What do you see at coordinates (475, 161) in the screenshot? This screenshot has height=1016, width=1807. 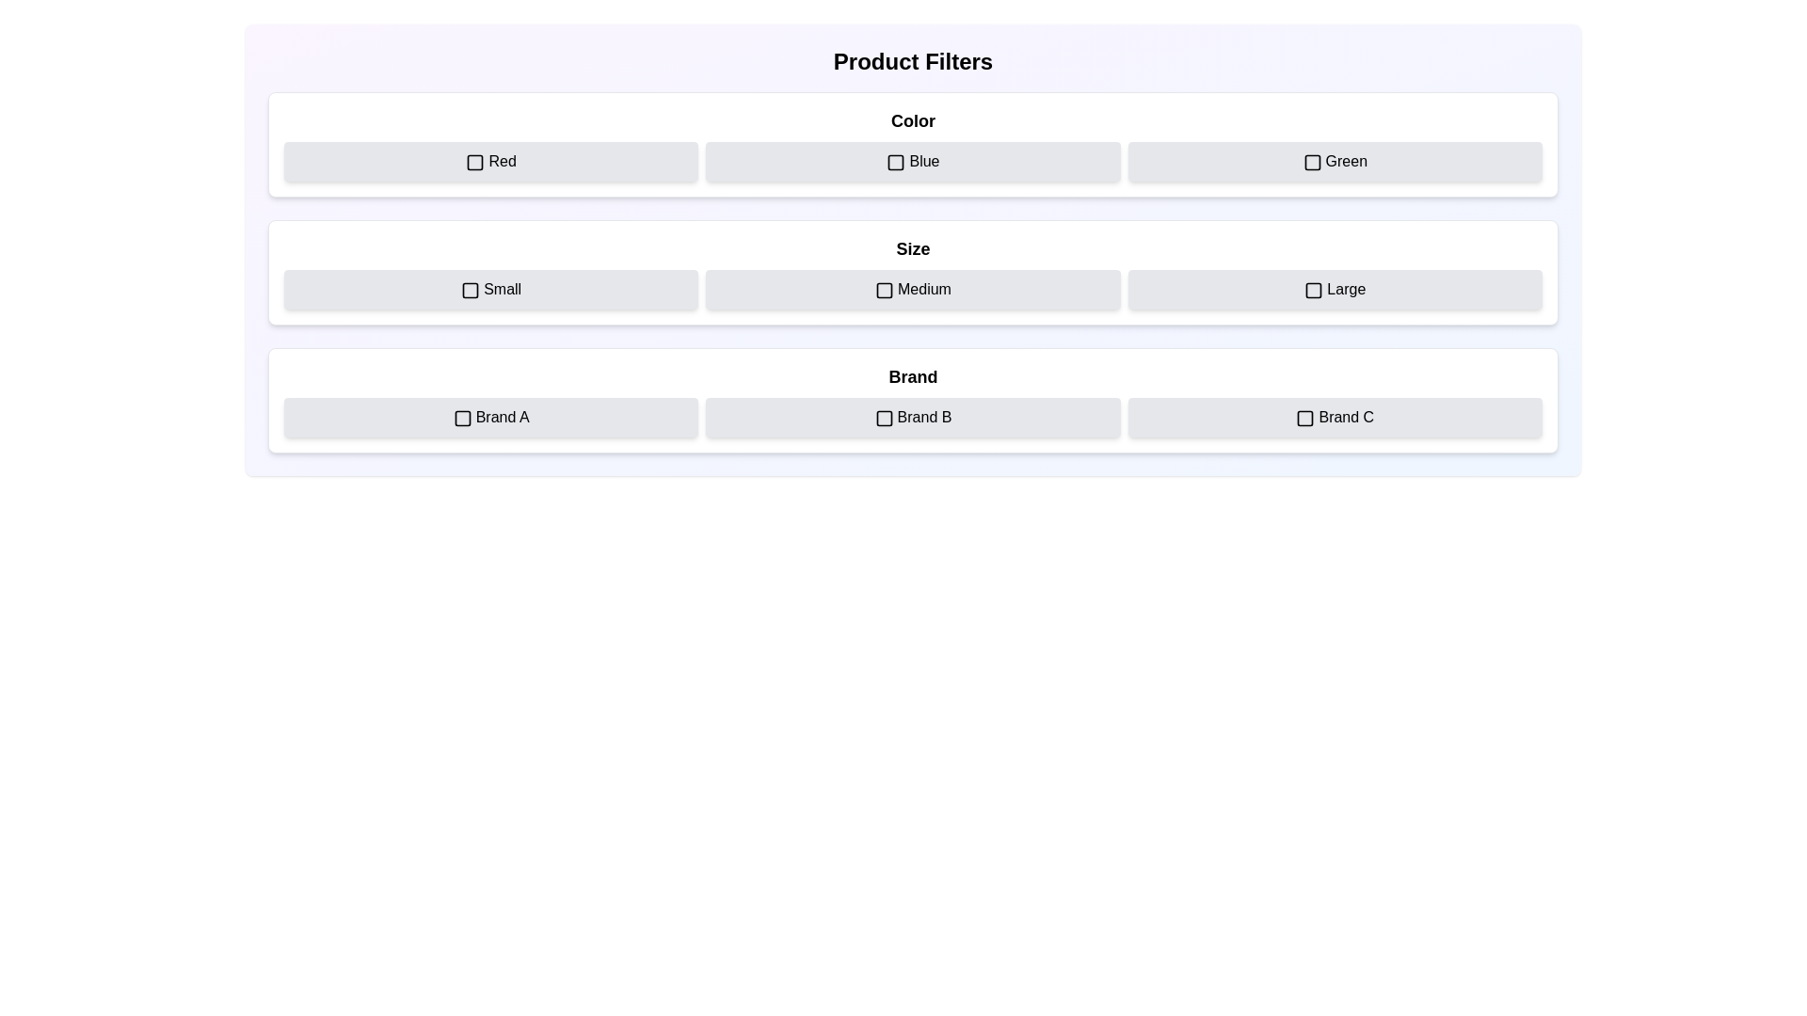 I see `the checkbox` at bounding box center [475, 161].